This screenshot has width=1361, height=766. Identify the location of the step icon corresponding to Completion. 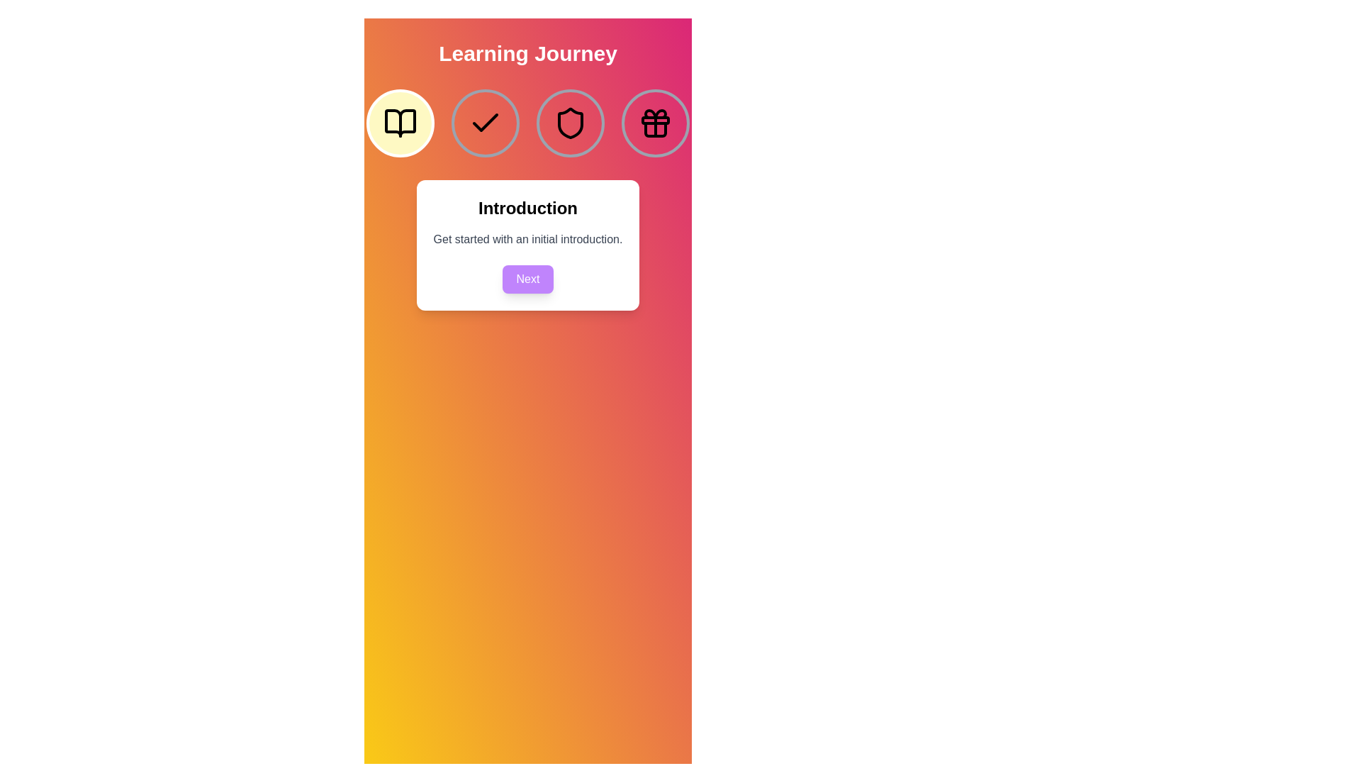
(655, 122).